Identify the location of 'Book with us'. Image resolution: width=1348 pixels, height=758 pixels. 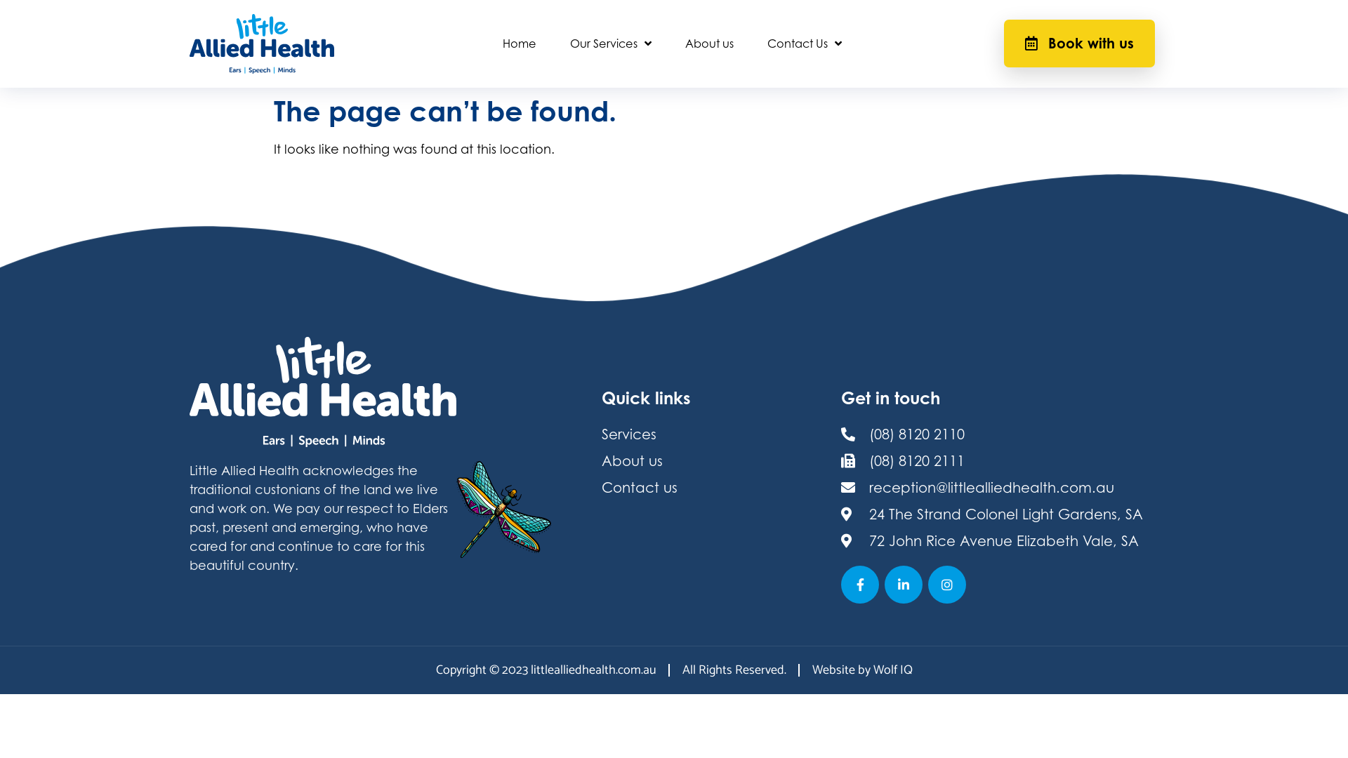
(1078, 42).